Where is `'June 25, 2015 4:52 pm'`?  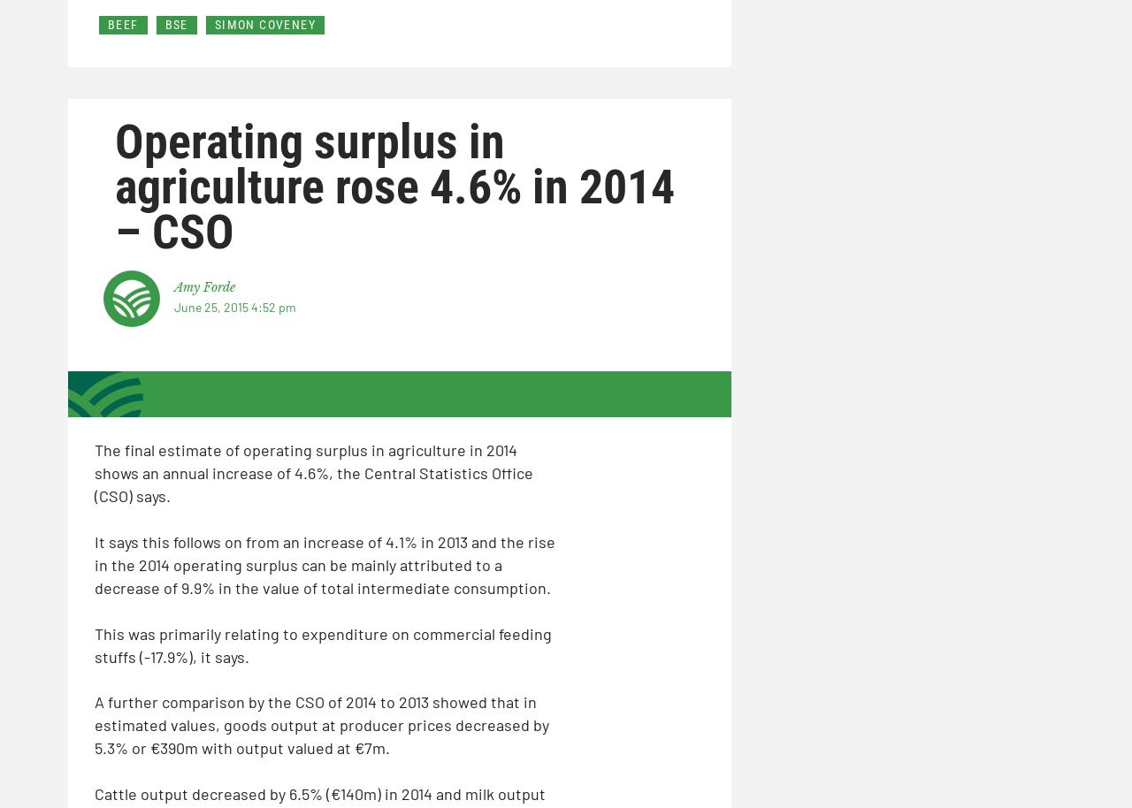 'June 25, 2015 4:52 pm' is located at coordinates (233, 306).